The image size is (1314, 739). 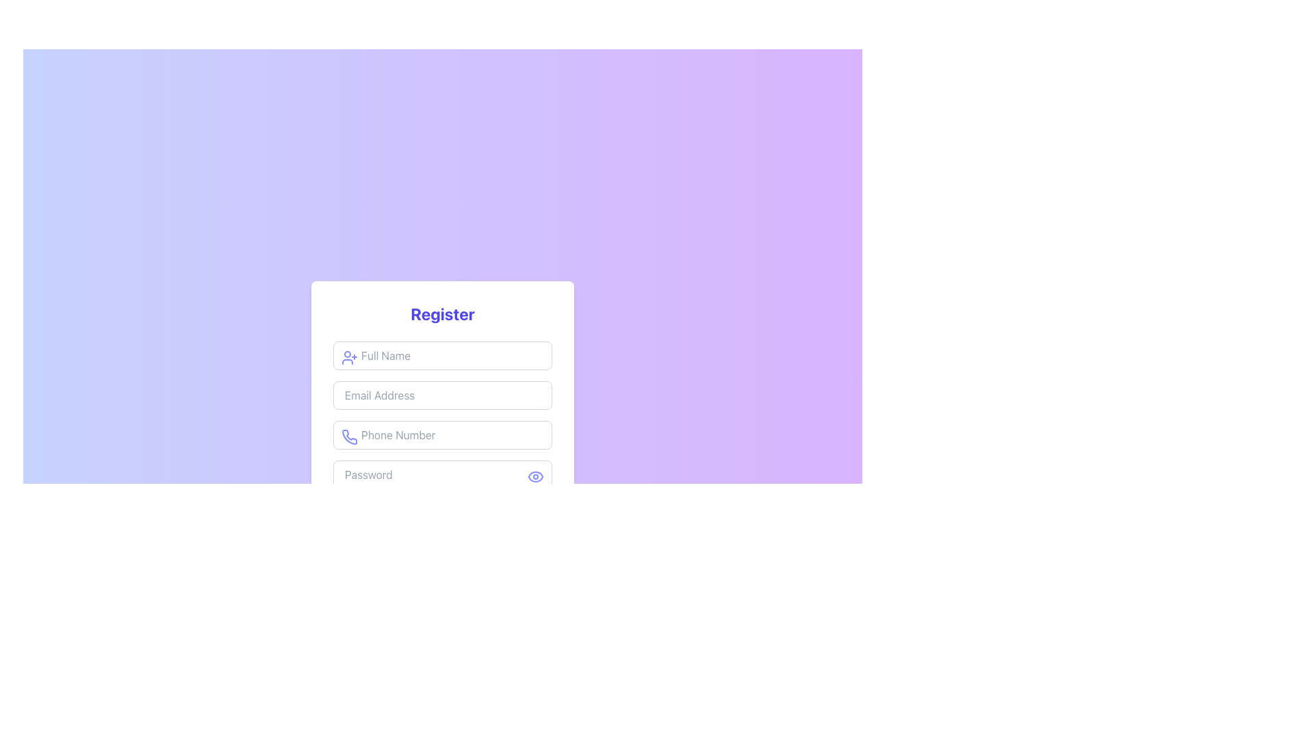 What do you see at coordinates (349, 437) in the screenshot?
I see `the decorative phone number icon located inside the 'Phone Number' input field, positioned to the left of the placeholder text` at bounding box center [349, 437].